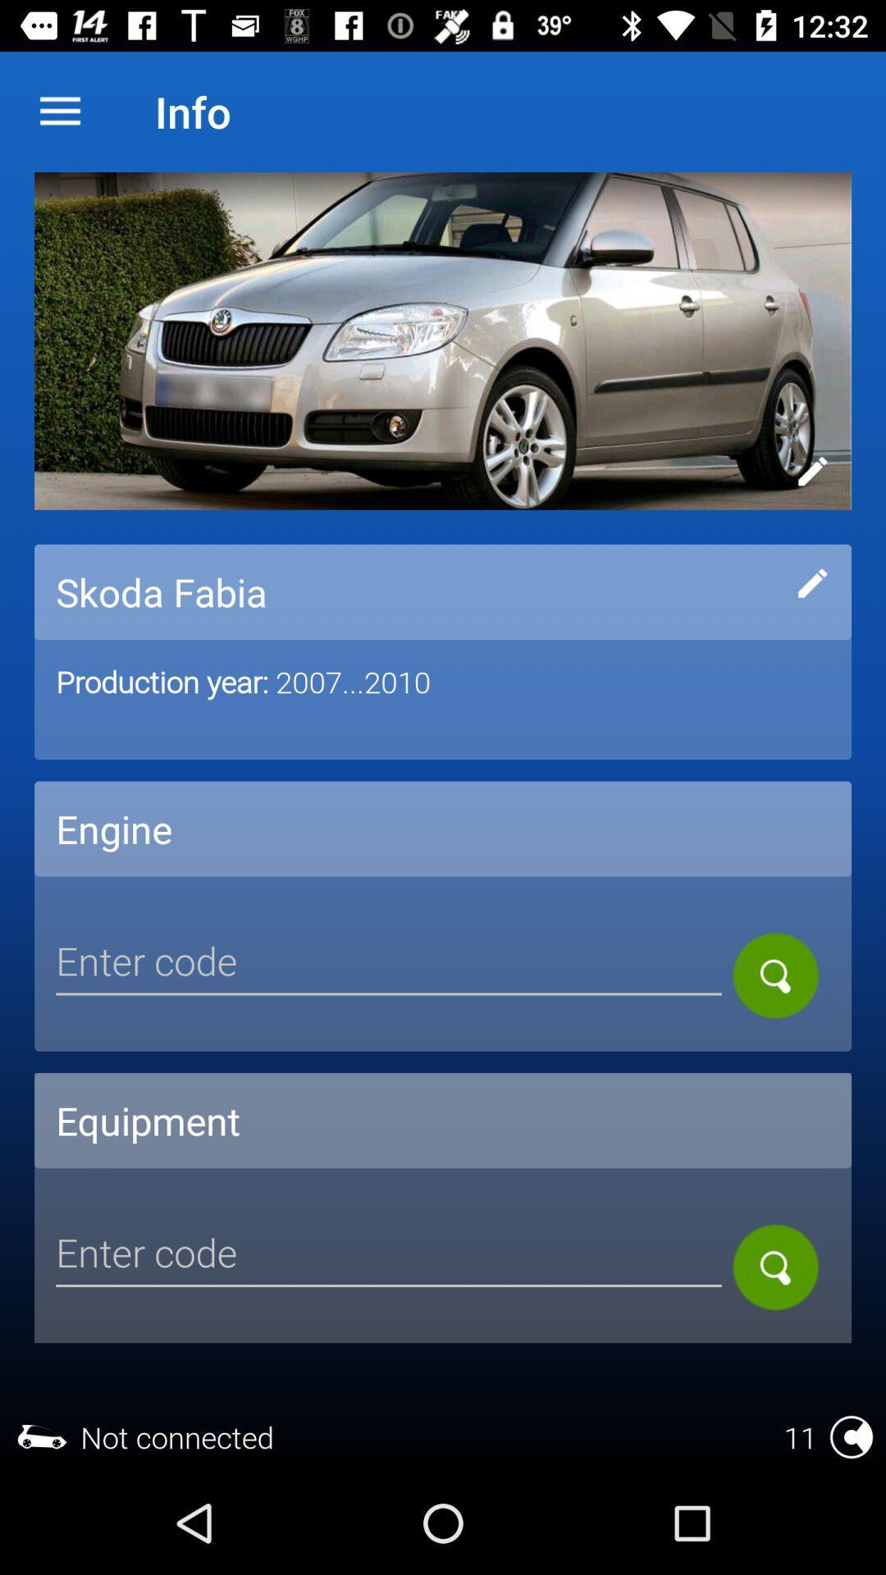 The height and width of the screenshot is (1575, 886). I want to click on zoom in, so click(775, 975).